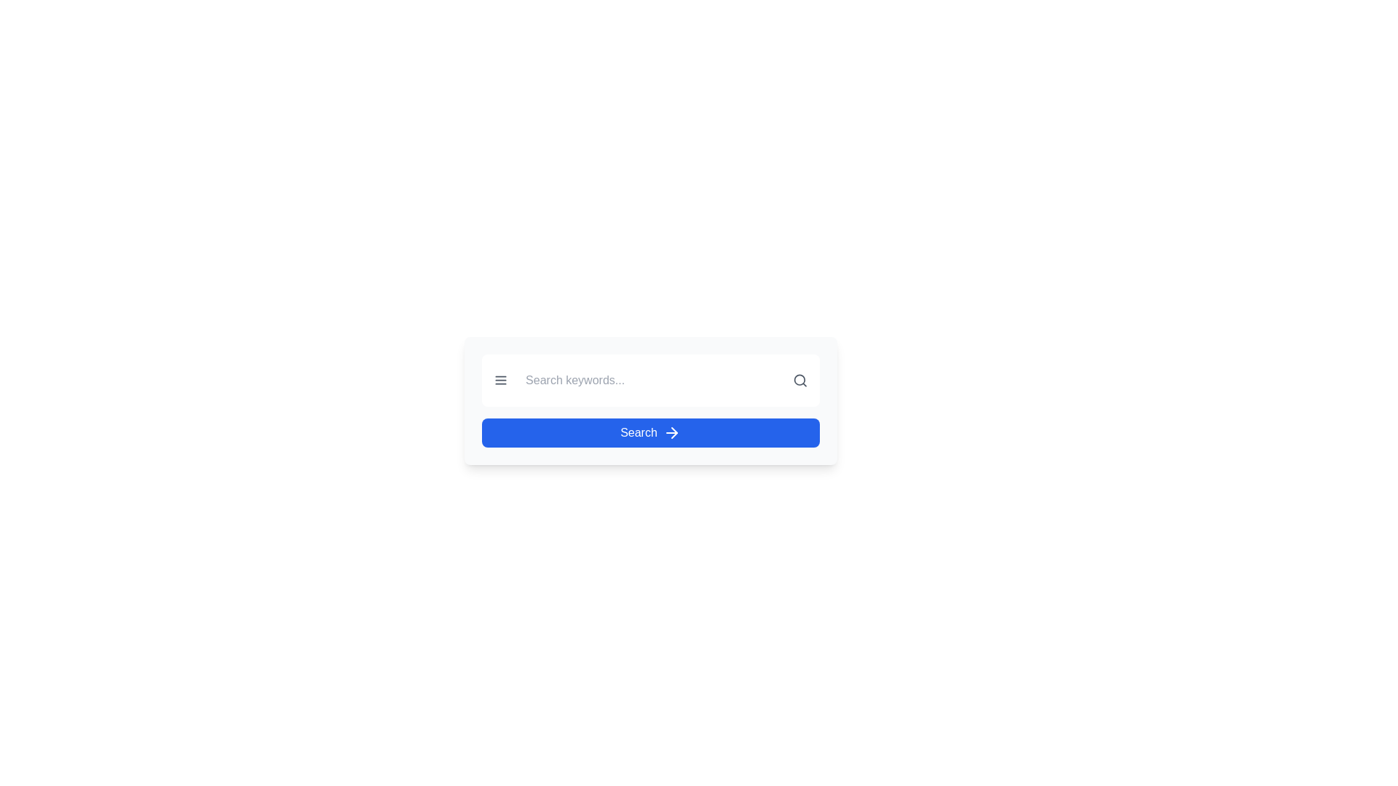 The image size is (1398, 786). What do you see at coordinates (799, 380) in the screenshot?
I see `the search icon located on the far right side of the search bar` at bounding box center [799, 380].